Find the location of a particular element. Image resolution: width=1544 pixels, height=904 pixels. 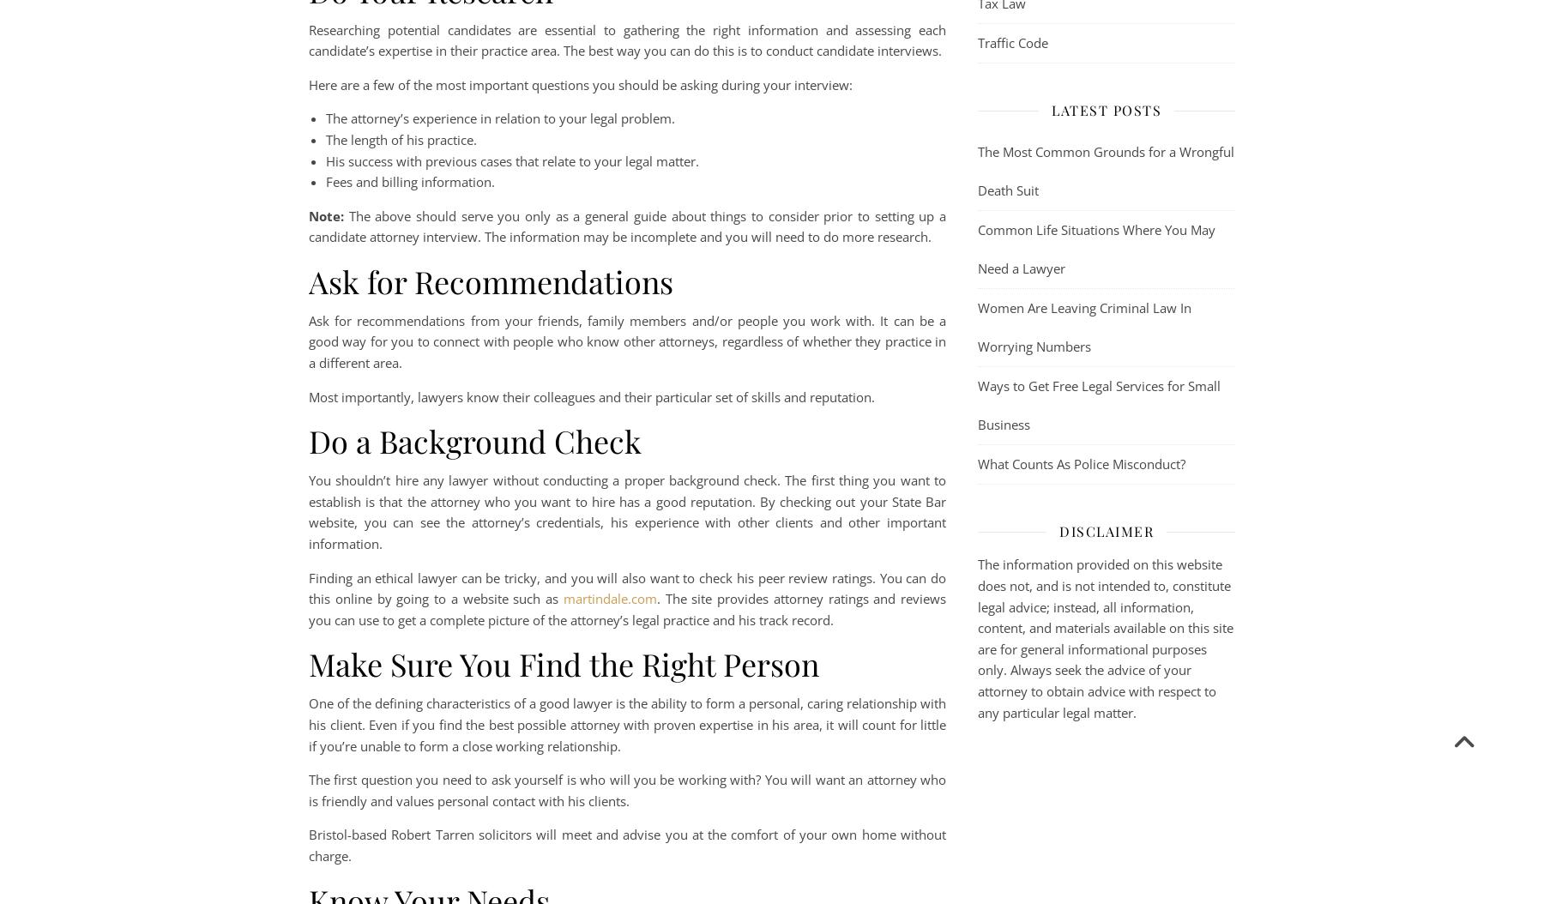

'Finding an ethical lawyer can be tricky, and you will also want to check his peer review ratings. You can do this online by going to a website such as' is located at coordinates (626, 588).